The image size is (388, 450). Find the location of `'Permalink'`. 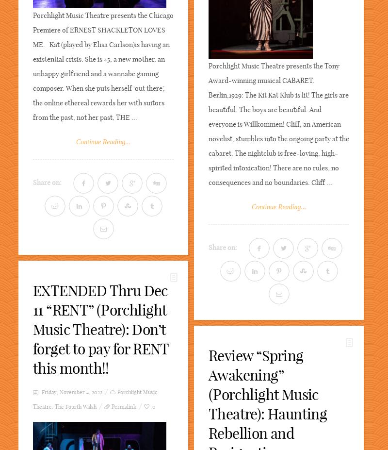

'Permalink' is located at coordinates (111, 407).